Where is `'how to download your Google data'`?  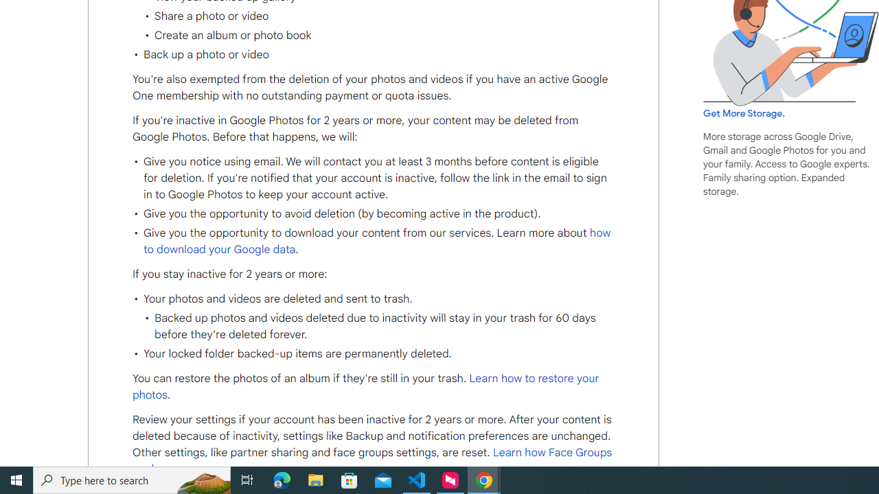
'how to download your Google data' is located at coordinates (377, 240).